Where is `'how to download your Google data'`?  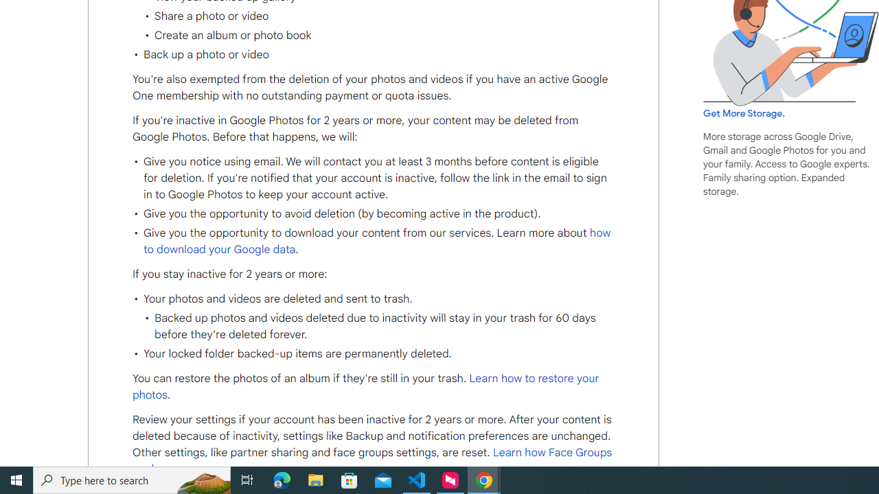
'how to download your Google data' is located at coordinates (377, 240).